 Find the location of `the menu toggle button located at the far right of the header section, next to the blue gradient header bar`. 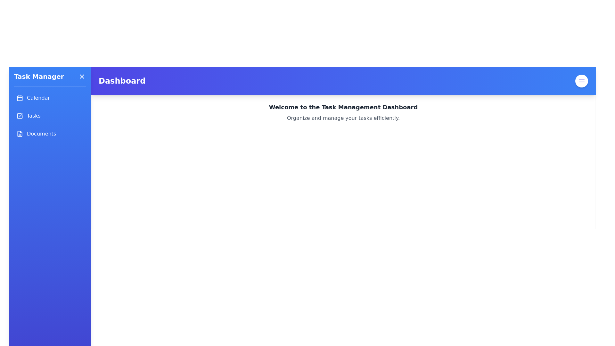

the menu toggle button located at the far right of the header section, next to the blue gradient header bar is located at coordinates (581, 81).